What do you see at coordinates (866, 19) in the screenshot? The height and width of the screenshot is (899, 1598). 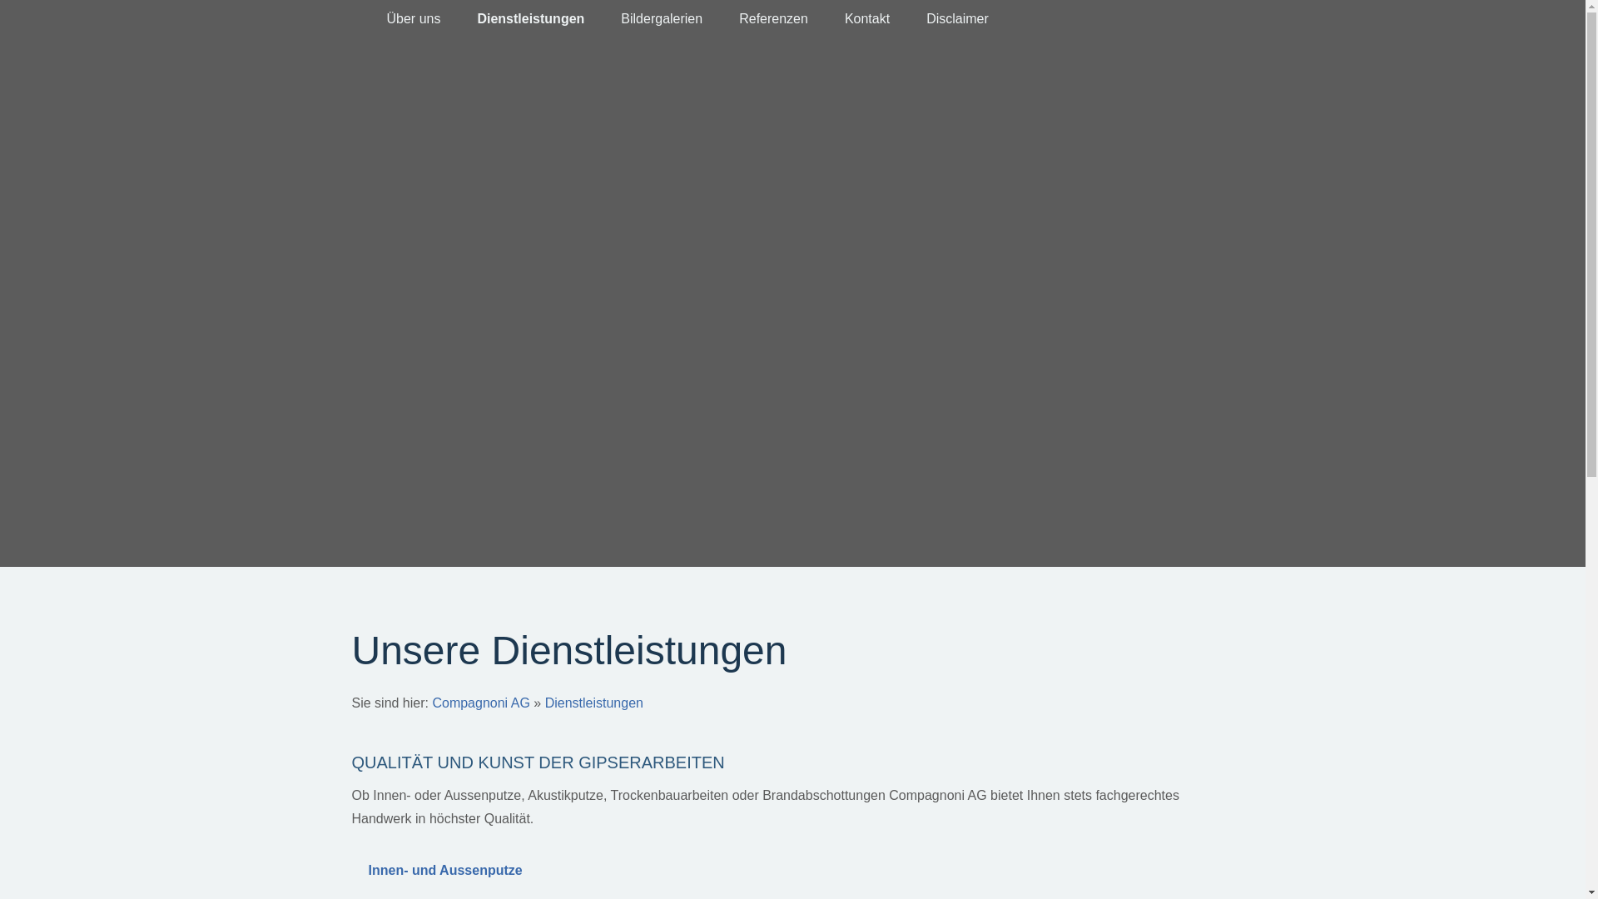 I see `'Kontakt'` at bounding box center [866, 19].